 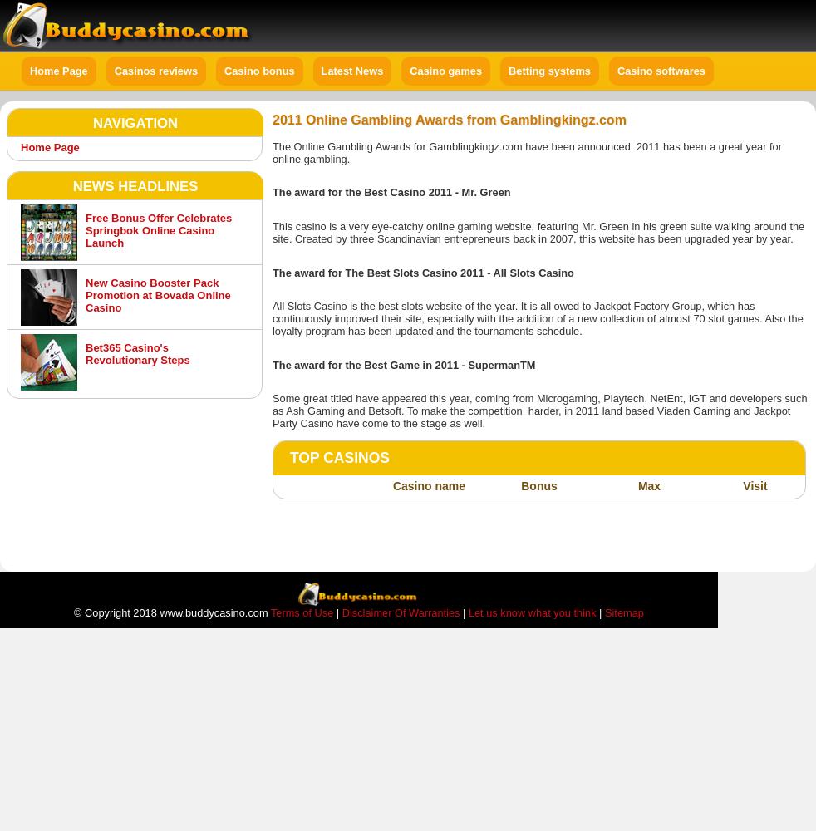 What do you see at coordinates (448, 120) in the screenshot?
I see `'2011 Online Gambling Awards from Gamblingkingz.com'` at bounding box center [448, 120].